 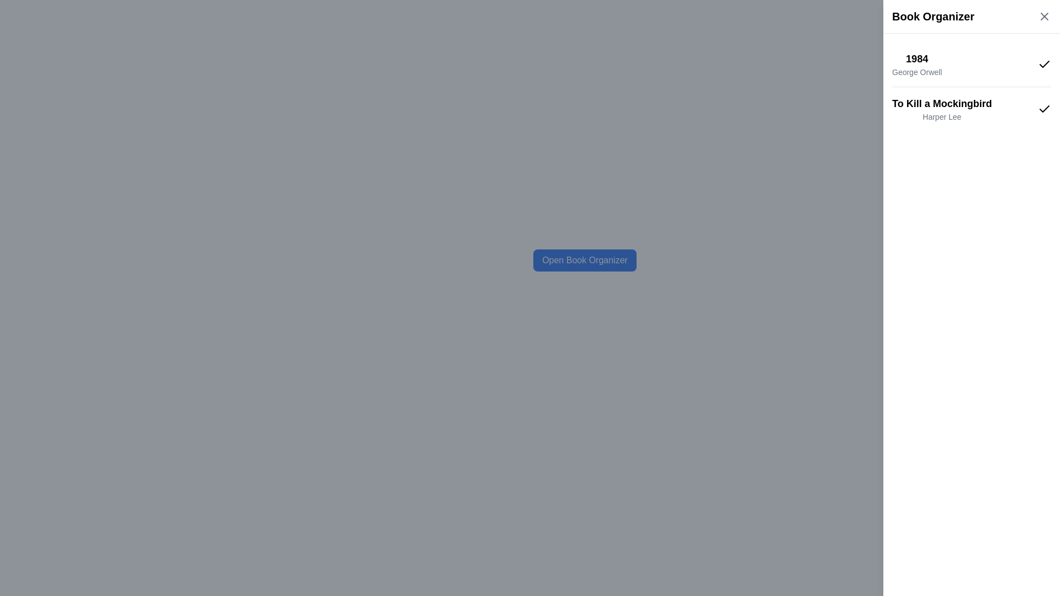 I want to click on the Information Display showing the book title '1984' by George Orwell, so click(x=917, y=64).